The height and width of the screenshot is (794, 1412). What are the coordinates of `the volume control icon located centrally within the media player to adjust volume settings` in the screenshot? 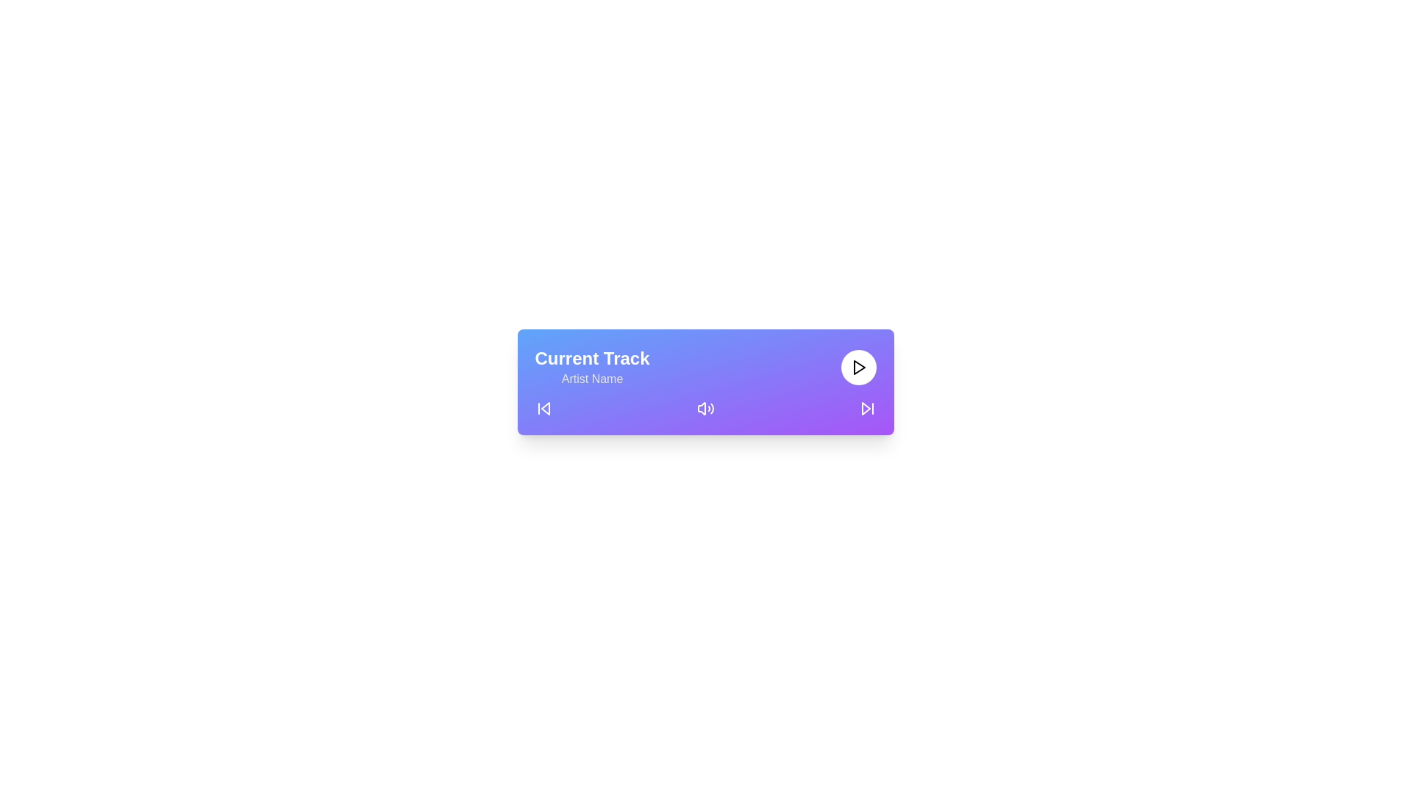 It's located at (705, 408).